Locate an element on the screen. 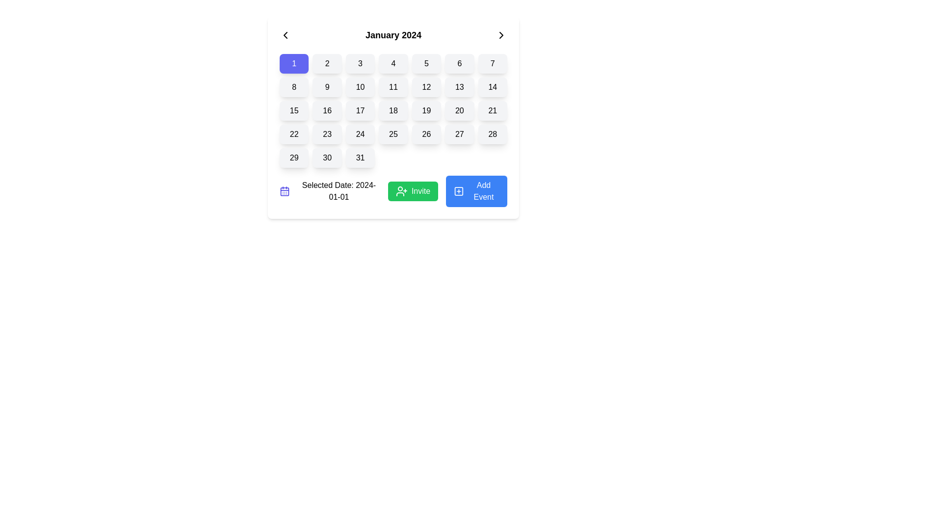  the rounded rectangular button with a purple background and white text displaying the number '1' is located at coordinates (293, 64).